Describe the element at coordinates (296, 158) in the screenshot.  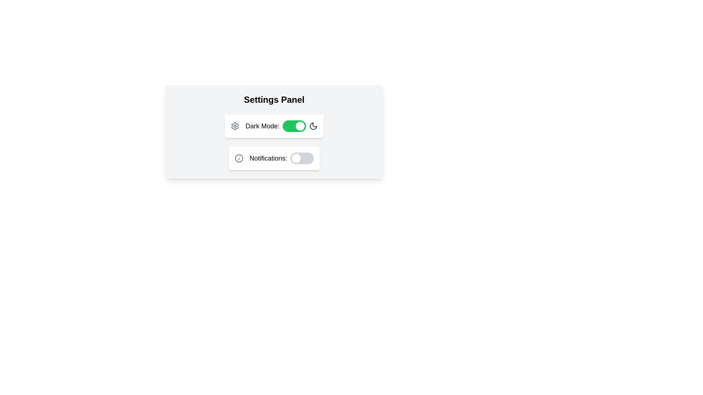
I see `the interactive toggle control indicator in the Notifications section` at that location.